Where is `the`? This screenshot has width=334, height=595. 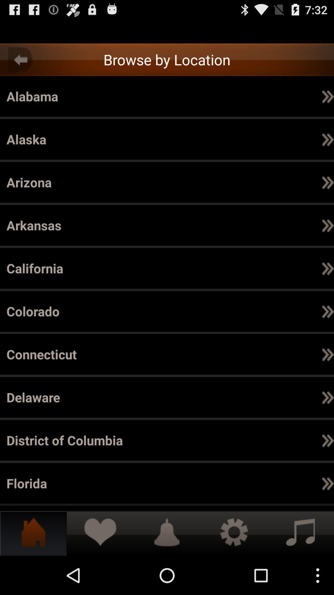
the is located at coordinates (268, 397).